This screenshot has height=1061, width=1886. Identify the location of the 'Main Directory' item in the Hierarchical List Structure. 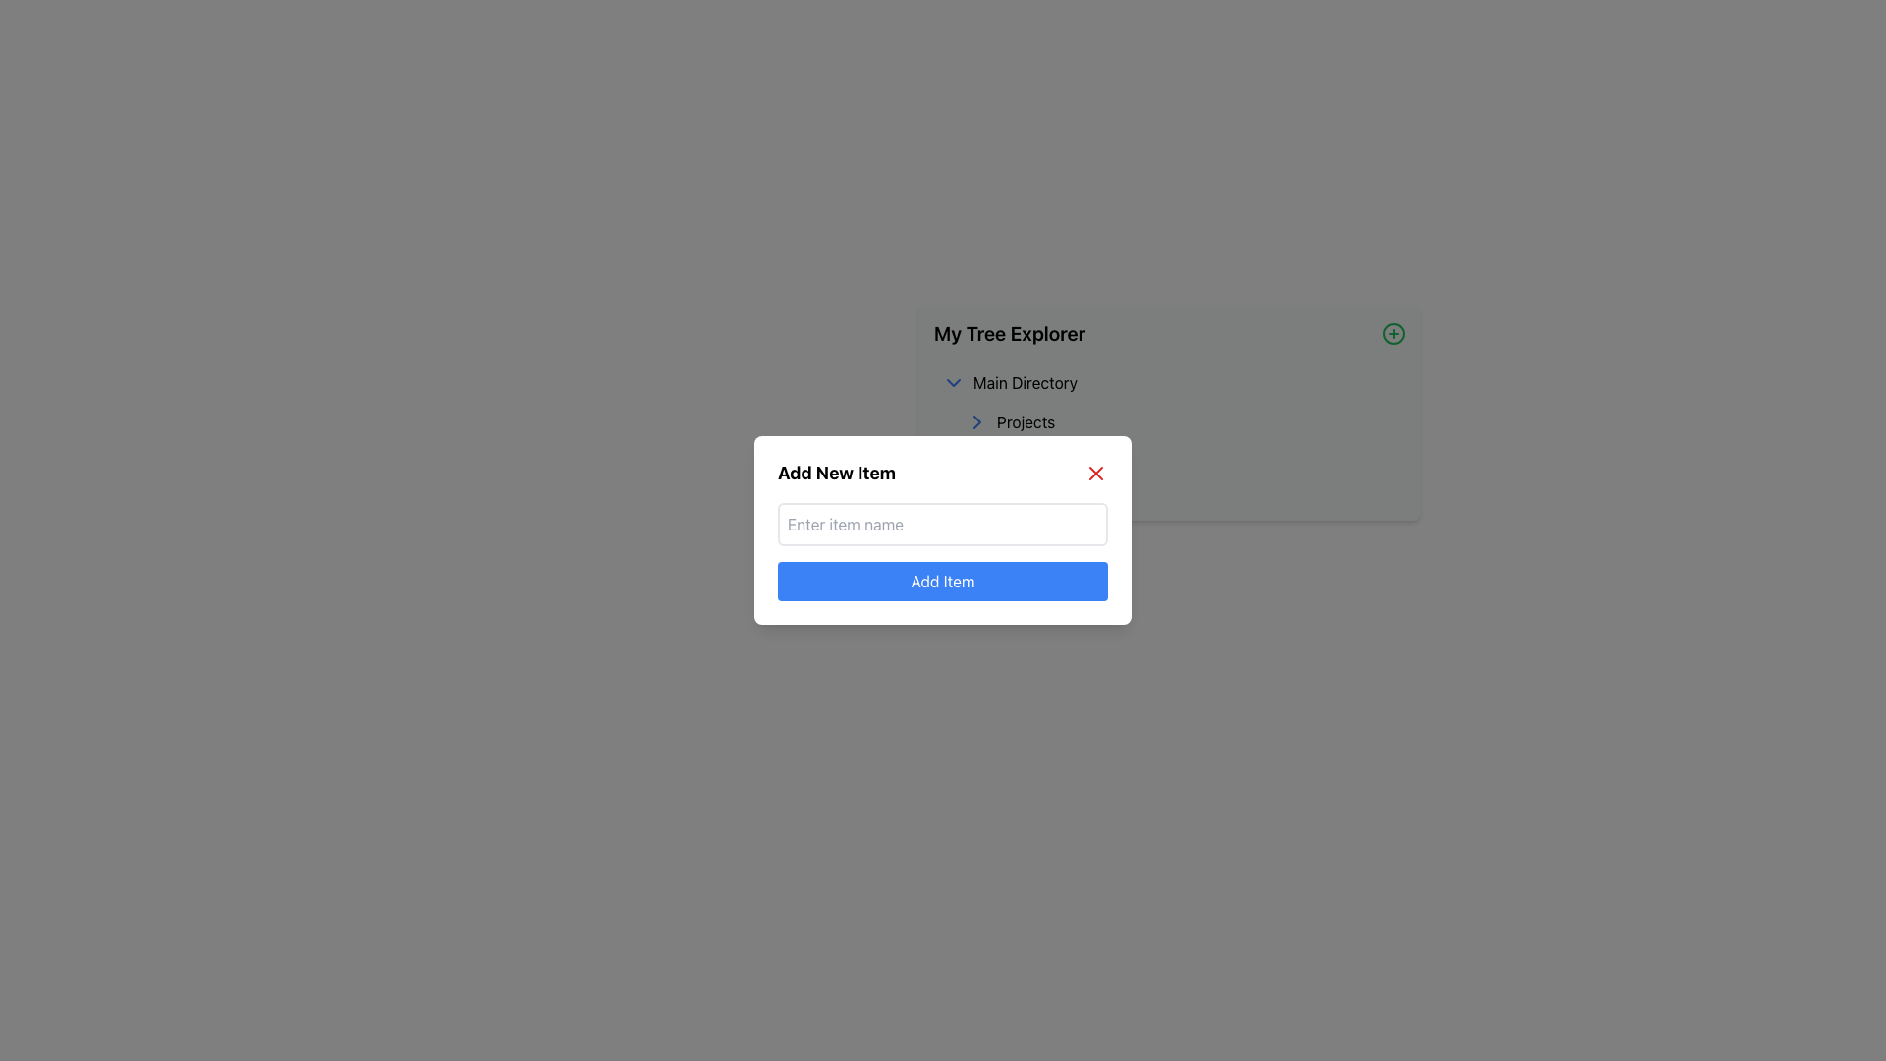
(1169, 429).